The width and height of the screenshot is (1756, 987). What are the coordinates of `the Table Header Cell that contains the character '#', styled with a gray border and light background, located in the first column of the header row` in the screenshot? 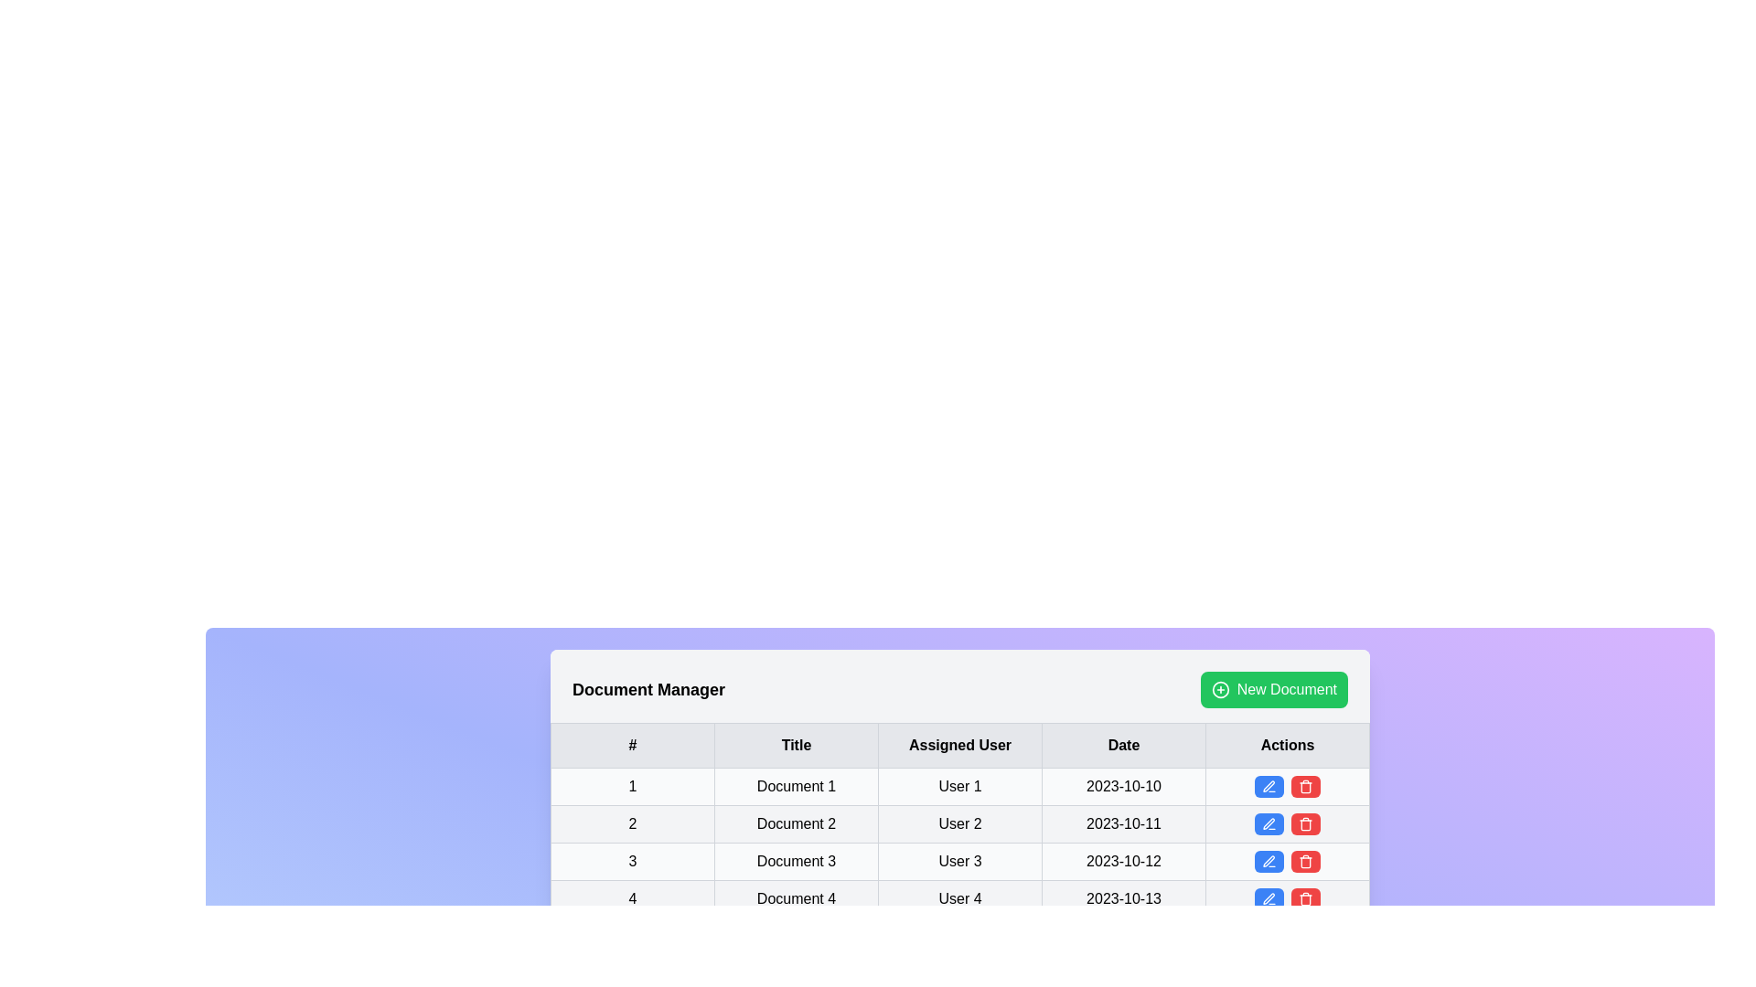 It's located at (632, 746).